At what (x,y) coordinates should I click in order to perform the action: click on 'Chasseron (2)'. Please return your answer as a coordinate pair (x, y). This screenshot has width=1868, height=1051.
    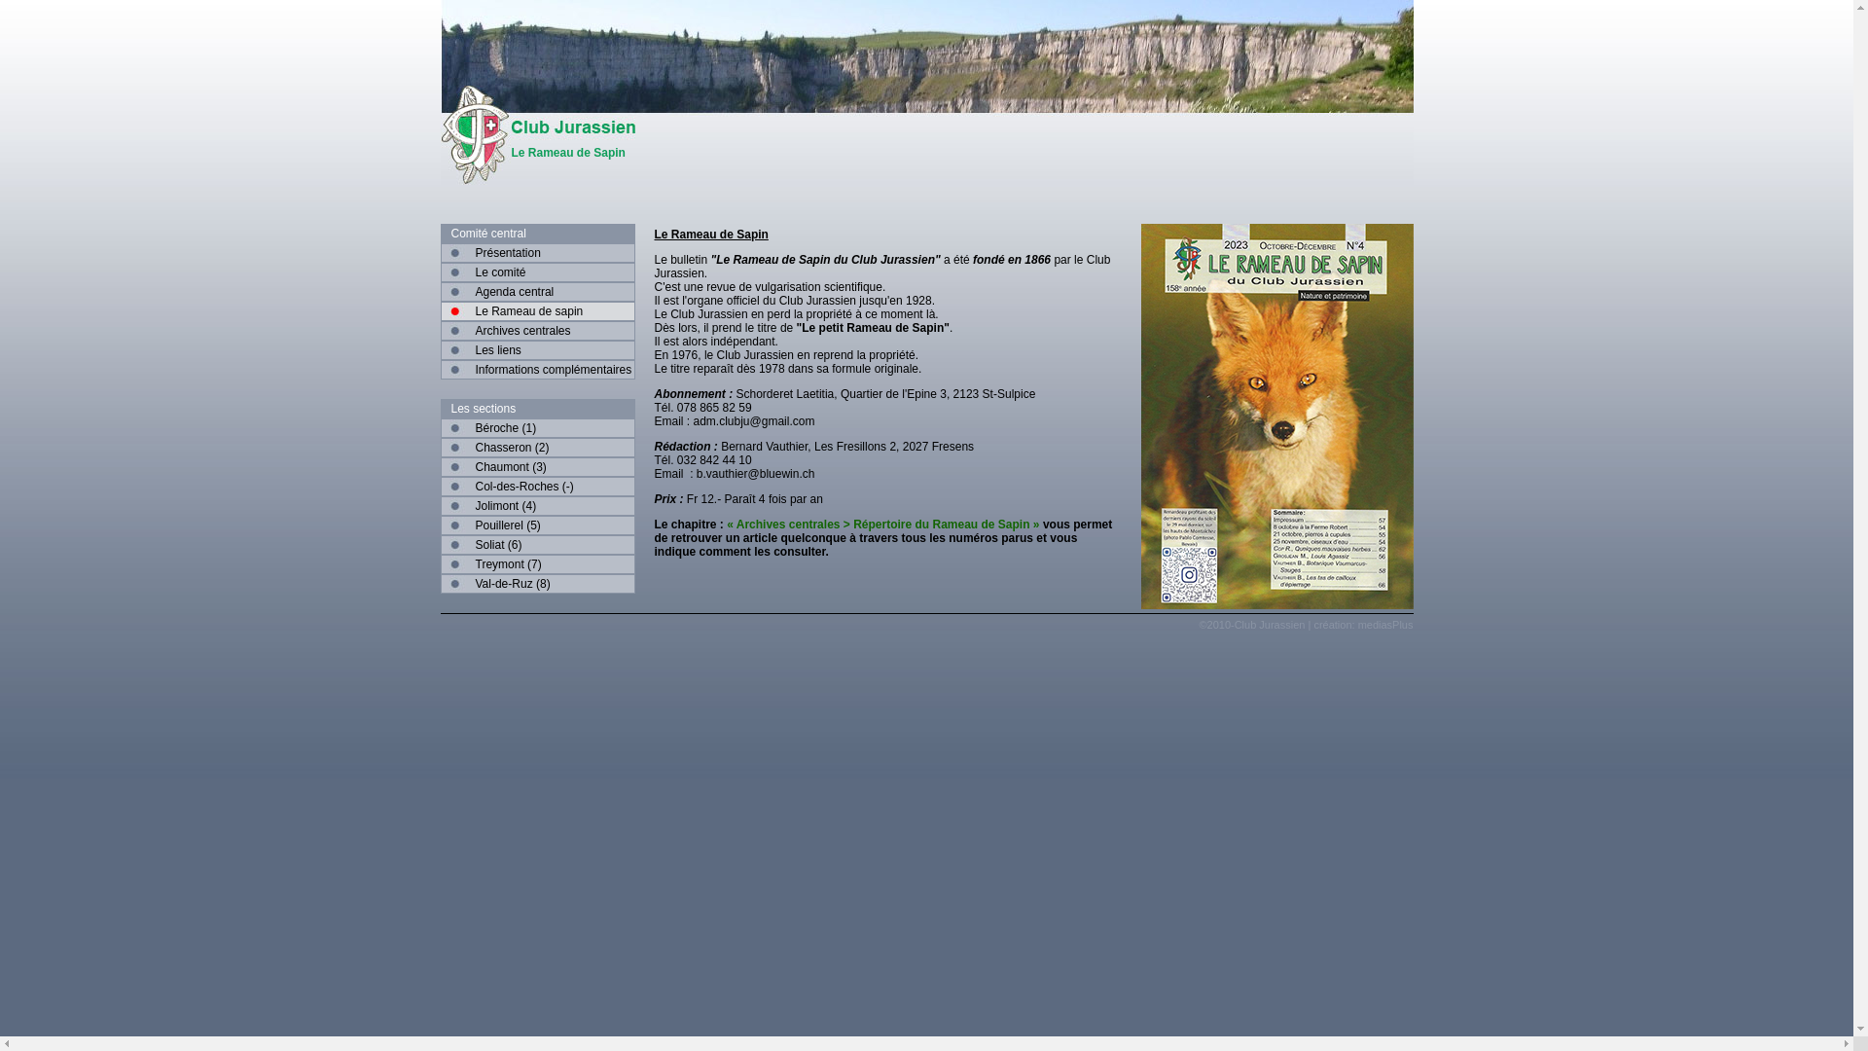
    Looking at the image, I should click on (537, 447).